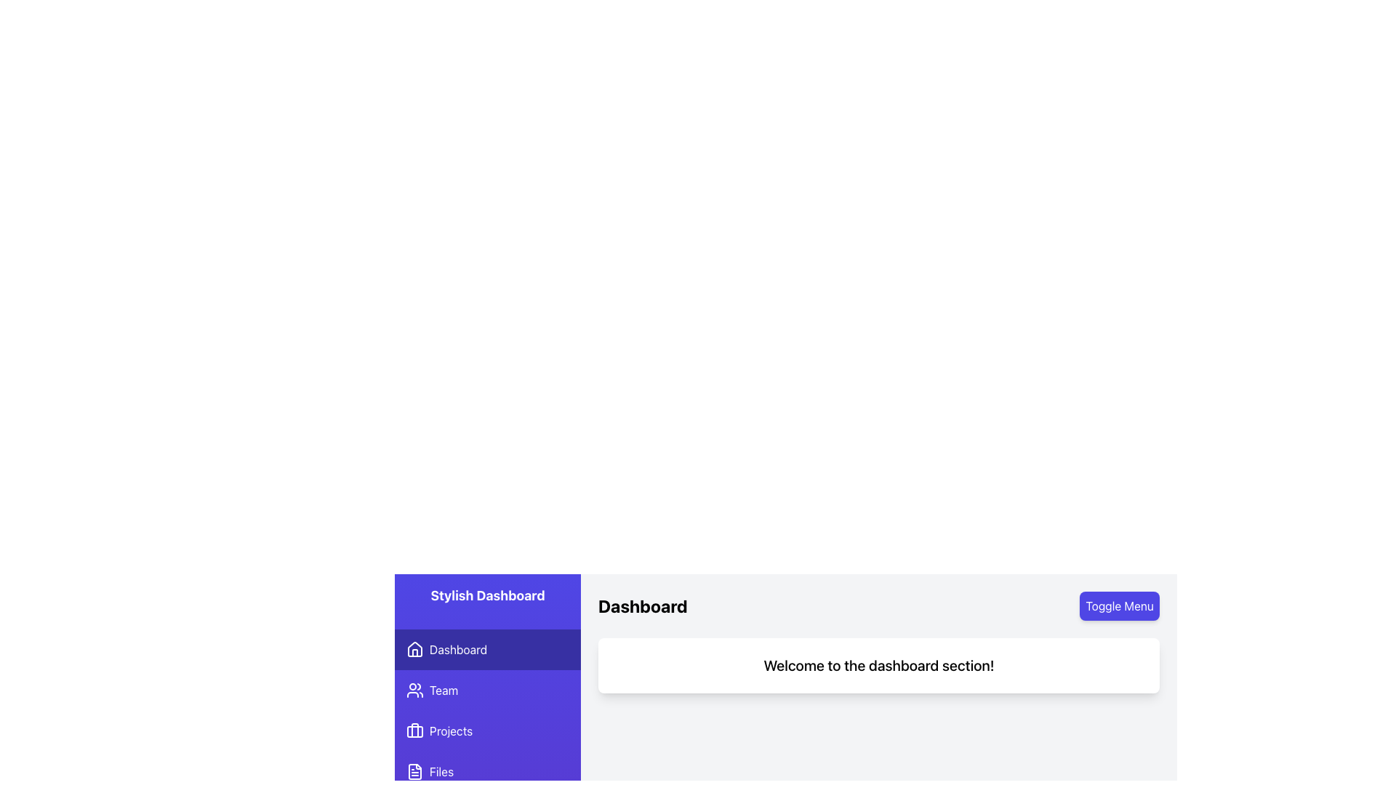 This screenshot has height=785, width=1396. Describe the element at coordinates (443, 689) in the screenshot. I see `the 'Team' text label in the navigation menu, which is styled in a clear font and positioned with a purple background, located to the right of the group icon, under 'Dashboard' and above 'Projects'` at that location.